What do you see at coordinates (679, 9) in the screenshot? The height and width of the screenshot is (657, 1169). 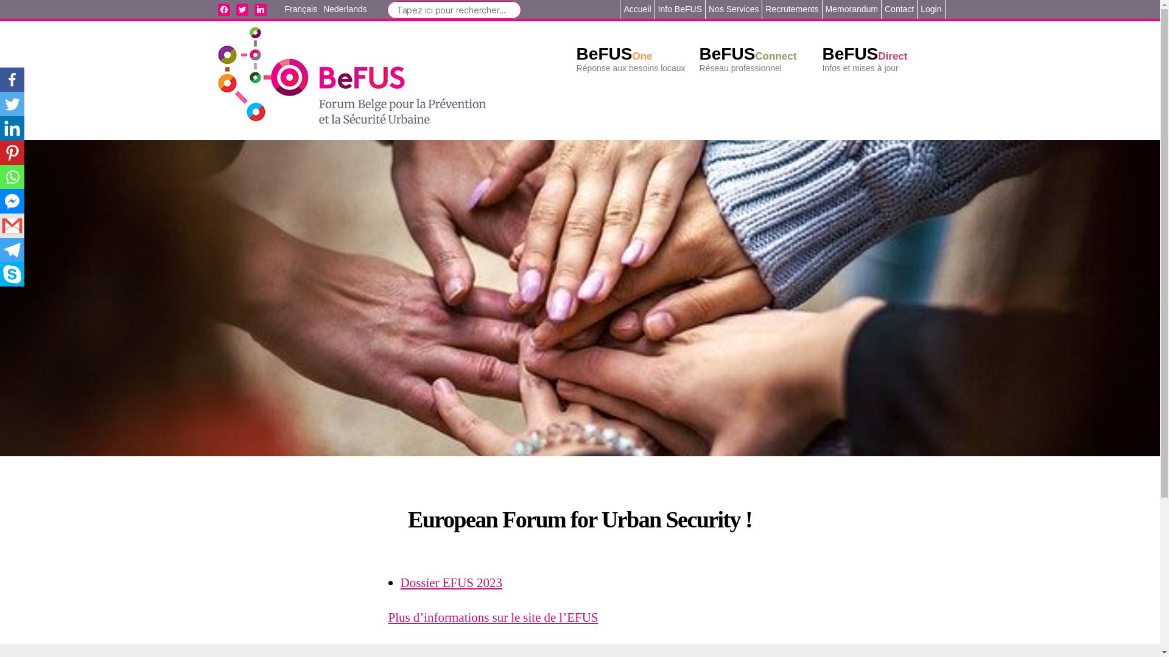 I see `'Info BeFUS'` at bounding box center [679, 9].